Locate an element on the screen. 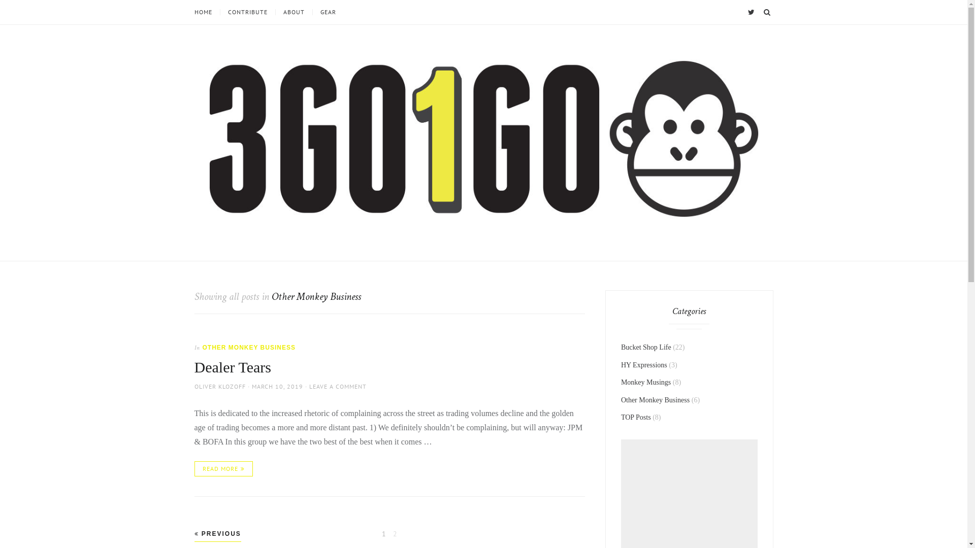 This screenshot has width=975, height=548. 'Monkey Musings' is located at coordinates (621, 382).